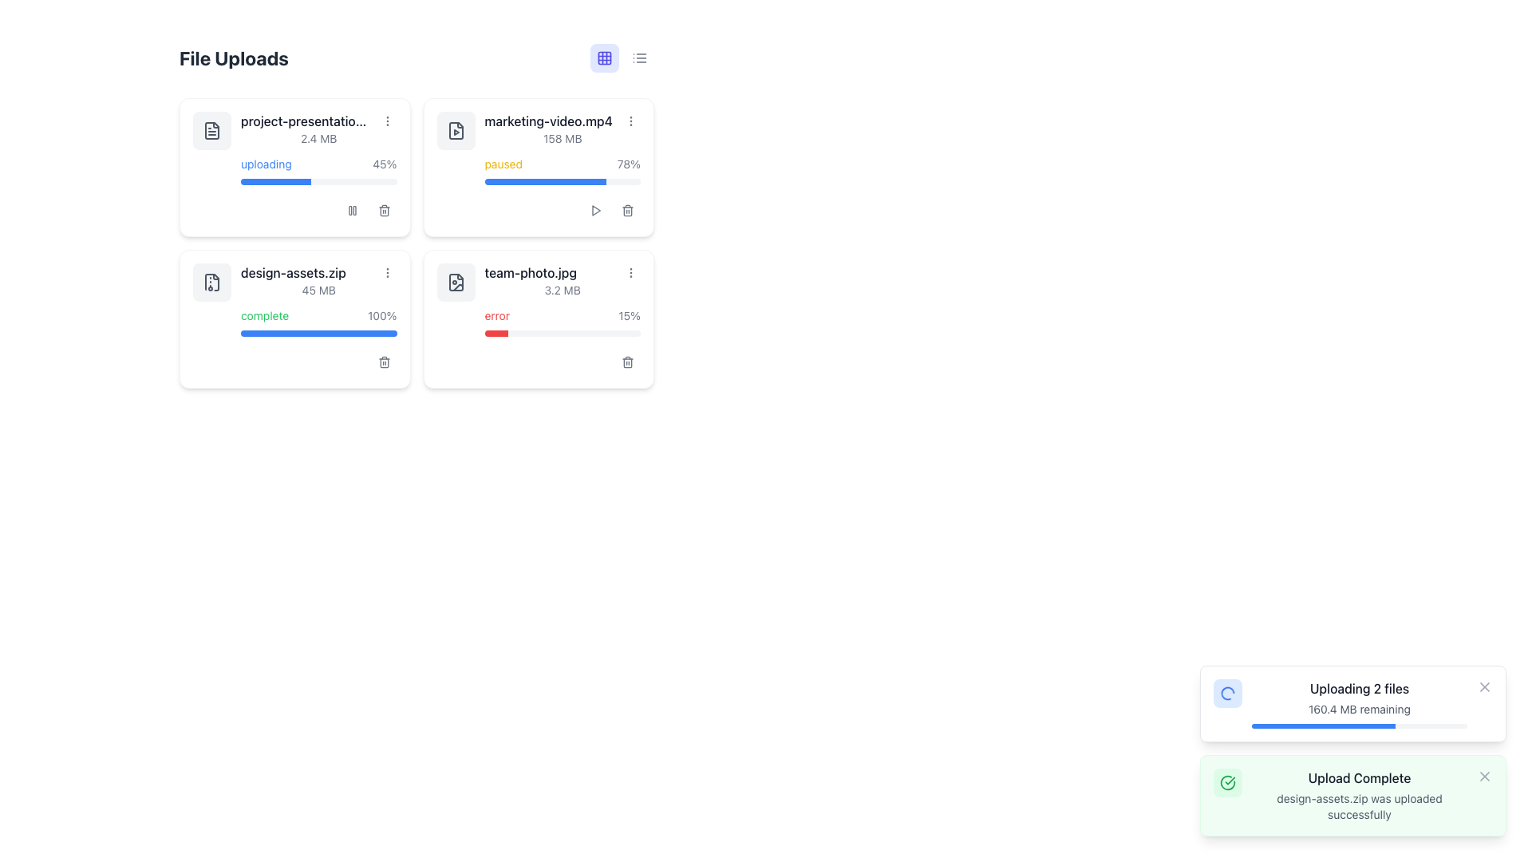 This screenshot has height=862, width=1532. Describe the element at coordinates (455, 130) in the screenshot. I see `the video file icon labeled 'marketing-video.mp4', which is styled with a document-like outline and a play symbol in the center, located in the upper-right quadrant of the File Uploads interface` at that location.